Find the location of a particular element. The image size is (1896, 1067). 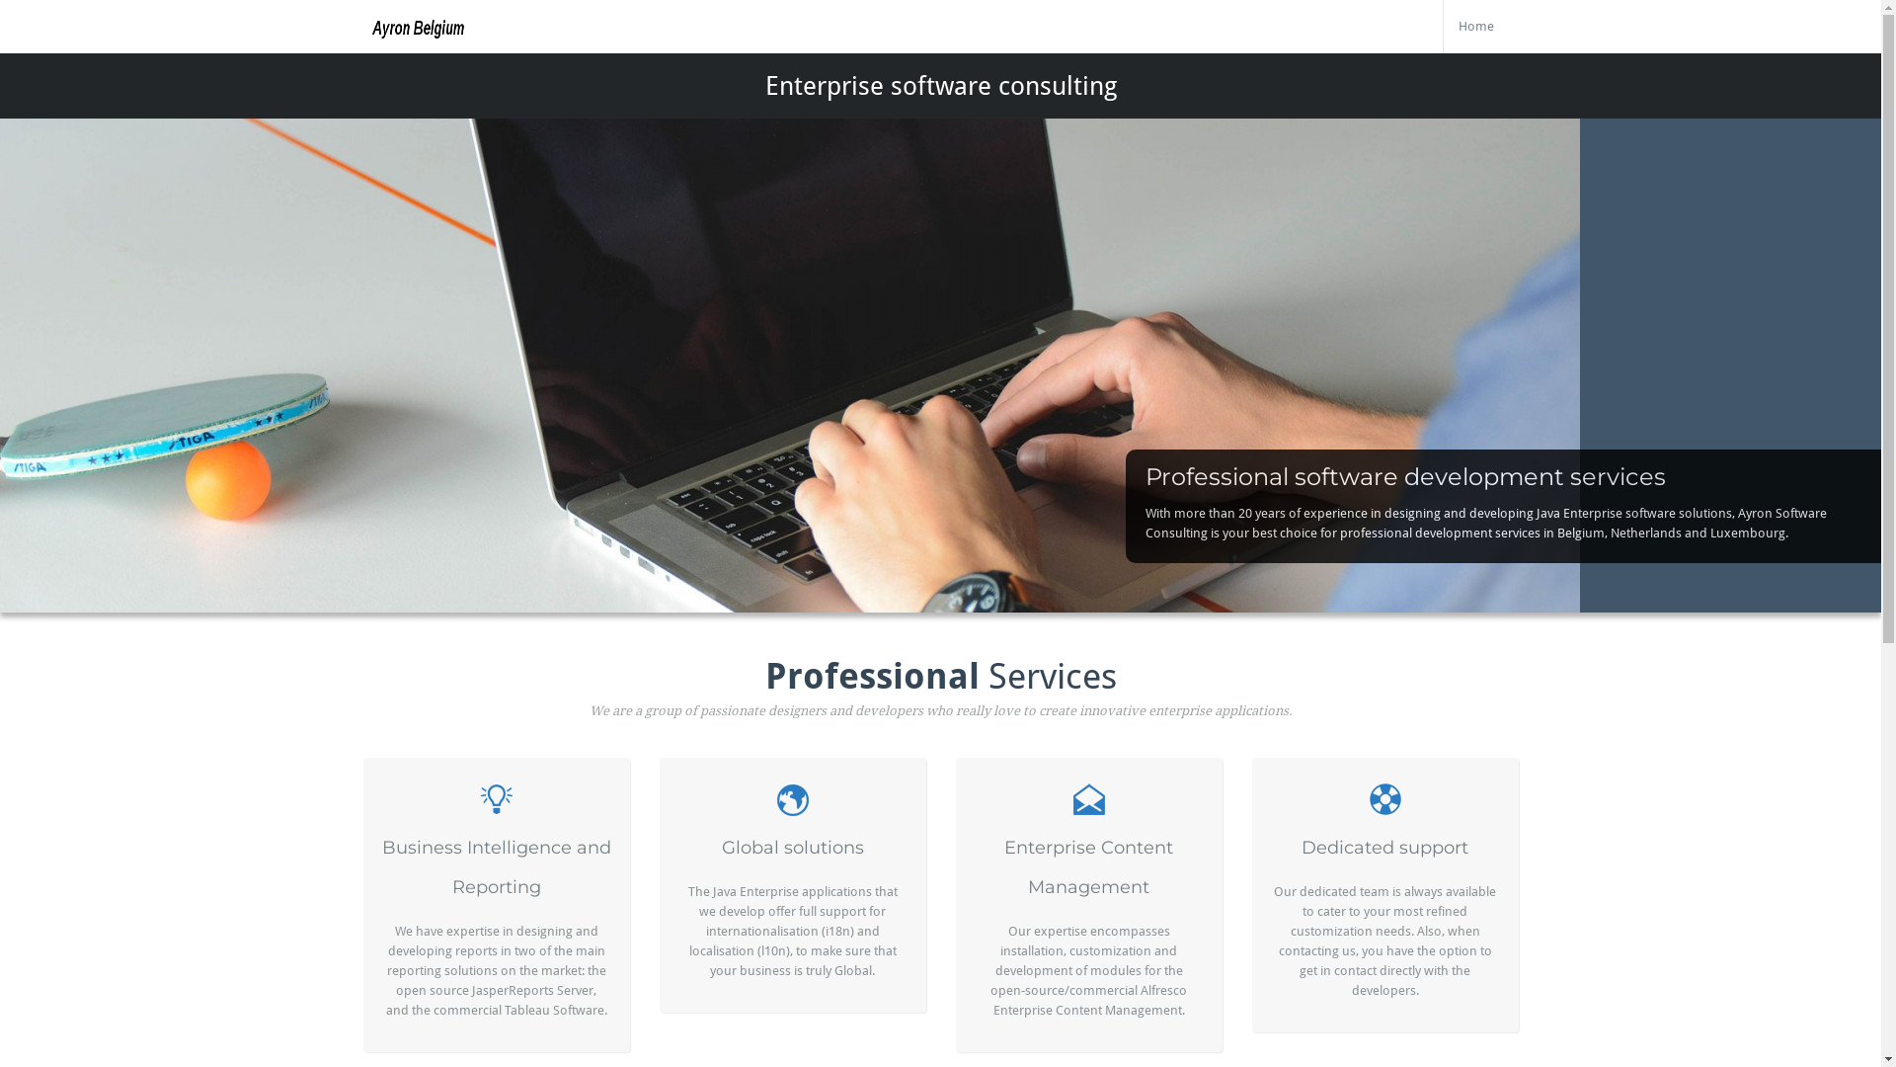

'Home' is located at coordinates (1444, 27).